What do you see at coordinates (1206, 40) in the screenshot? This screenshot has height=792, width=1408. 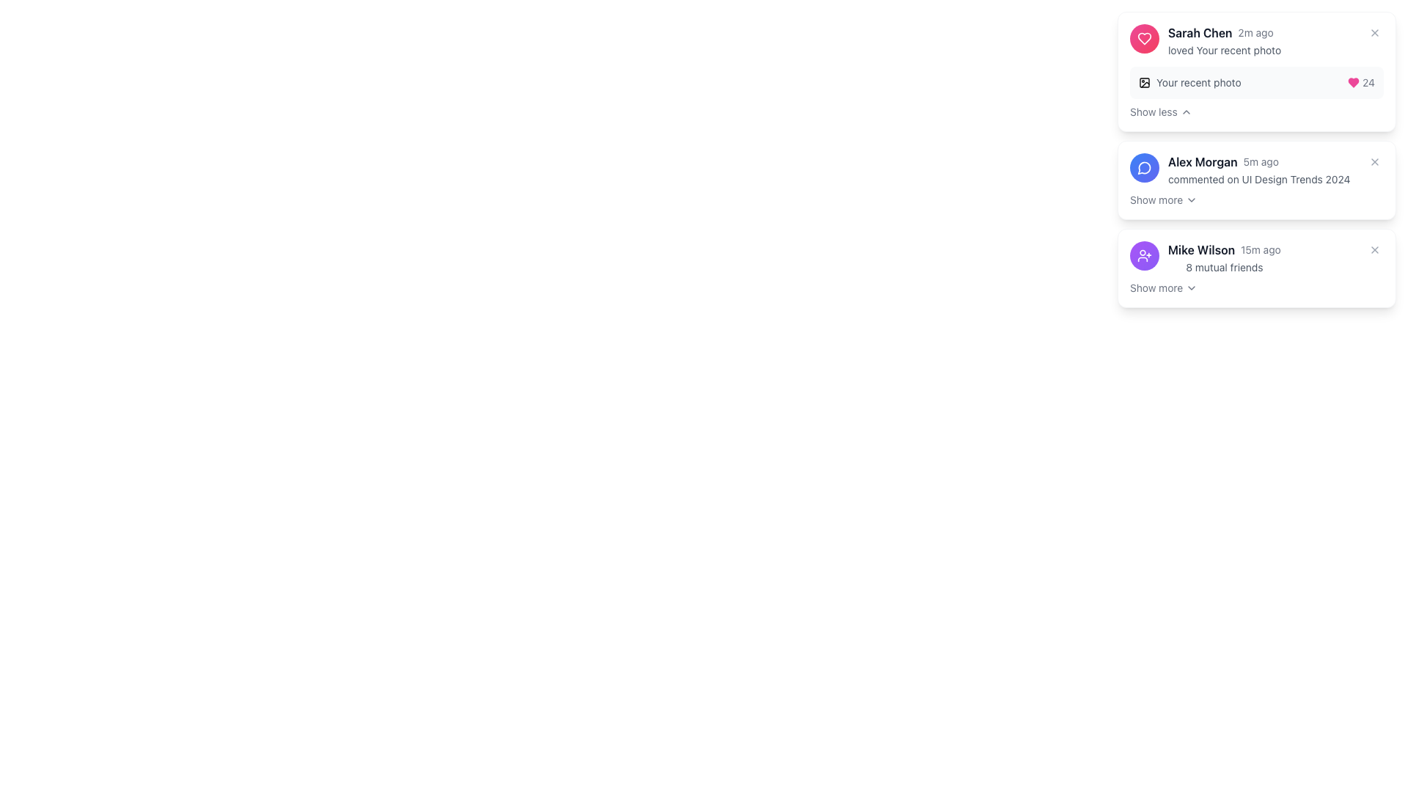 I see `the notification item featuring a pink gradient badge with a white heart, containing the username 'Sarah Chen' and the message 'loved Your recent photo'` at bounding box center [1206, 40].